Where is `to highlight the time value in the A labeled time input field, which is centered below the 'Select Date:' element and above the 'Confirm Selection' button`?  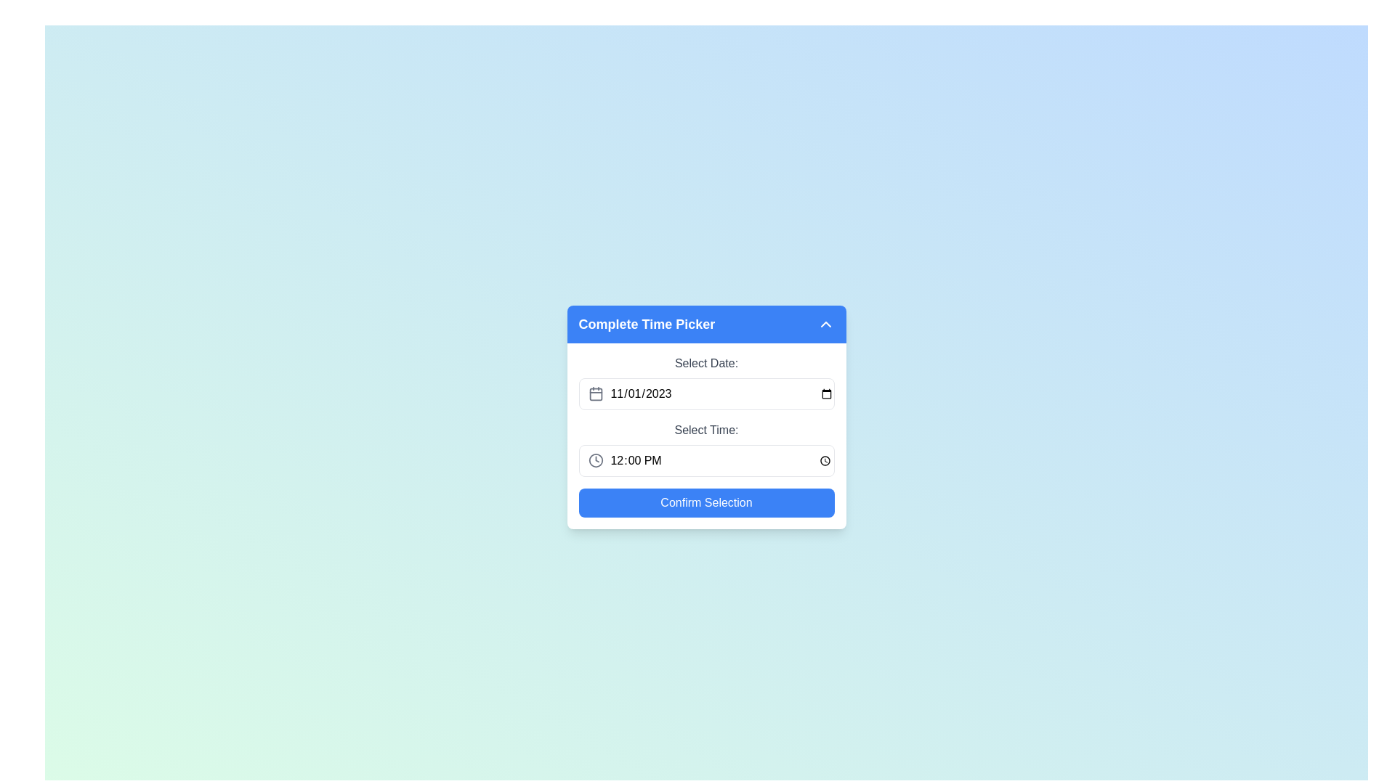 to highlight the time value in the A labeled time input field, which is centered below the 'Select Date:' element and above the 'Confirm Selection' button is located at coordinates (706, 448).